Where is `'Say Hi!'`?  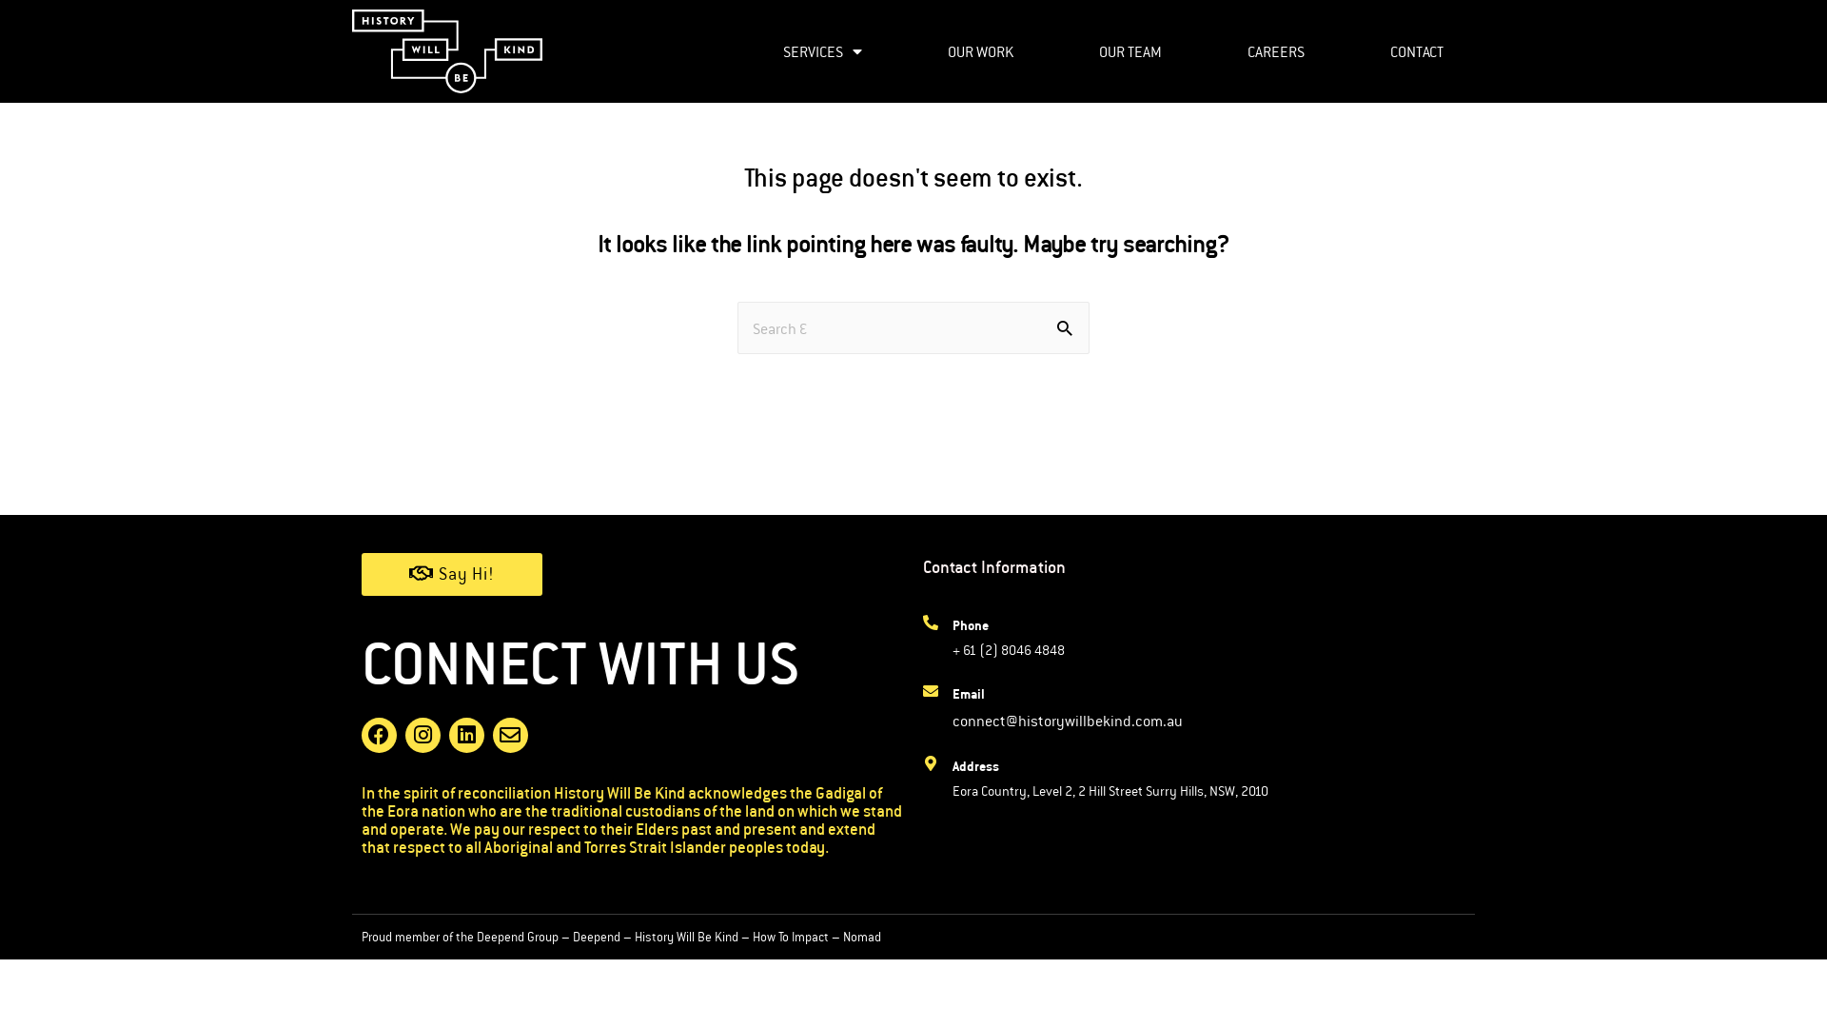 'Say Hi!' is located at coordinates (361, 573).